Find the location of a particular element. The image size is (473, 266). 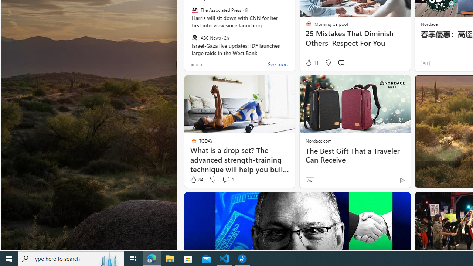

'11 Like' is located at coordinates (312, 62).